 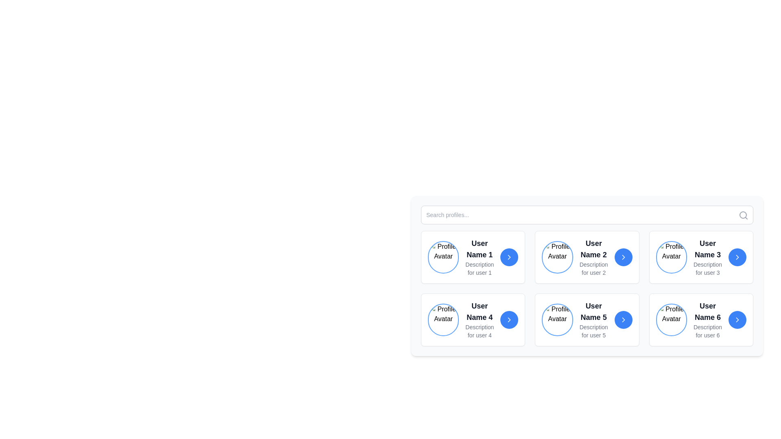 I want to click on the user name text label in the user profile card, which is located in the second row and second column of a 3x2 grid layout, directly above the description 'Description for user 5', so click(x=593, y=311).